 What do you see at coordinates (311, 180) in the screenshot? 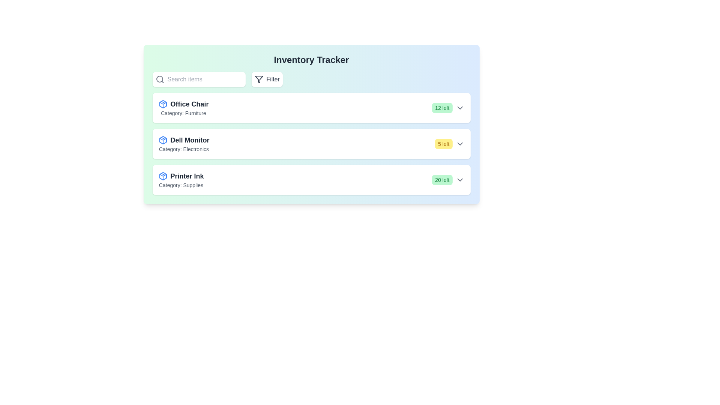
I see `the list entry corresponding to Printer Ink to view its details` at bounding box center [311, 180].